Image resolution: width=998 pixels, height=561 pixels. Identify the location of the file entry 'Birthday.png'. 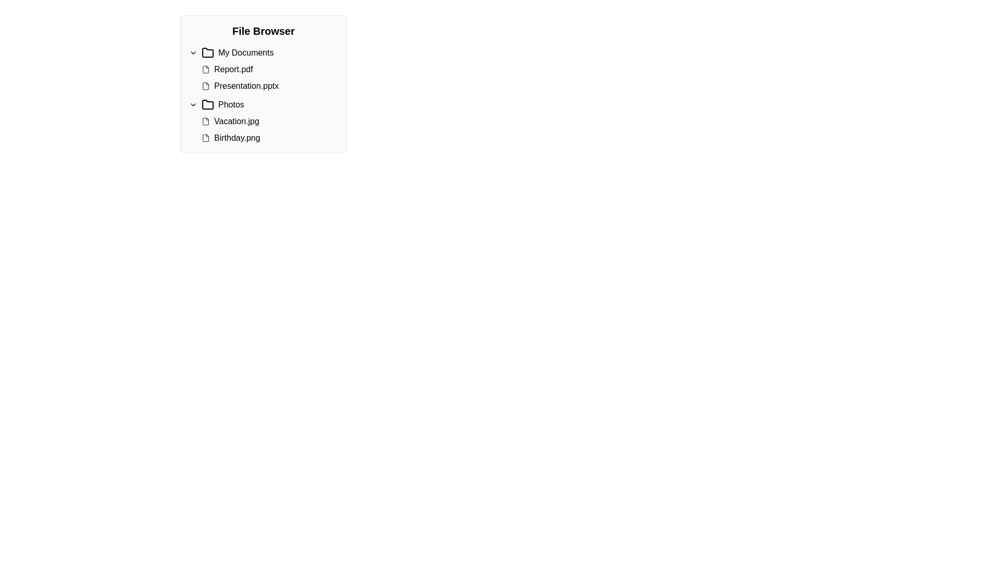
(269, 138).